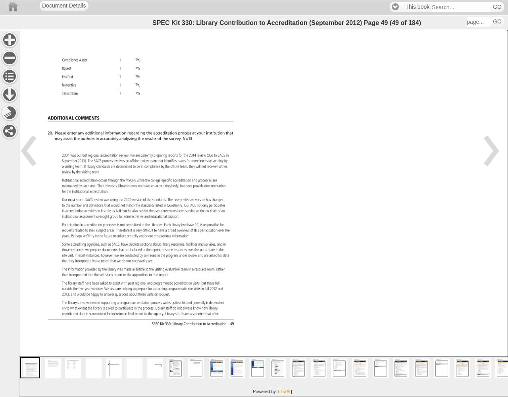 The image size is (508, 397). Describe the element at coordinates (419, 22) in the screenshot. I see `')'` at that location.